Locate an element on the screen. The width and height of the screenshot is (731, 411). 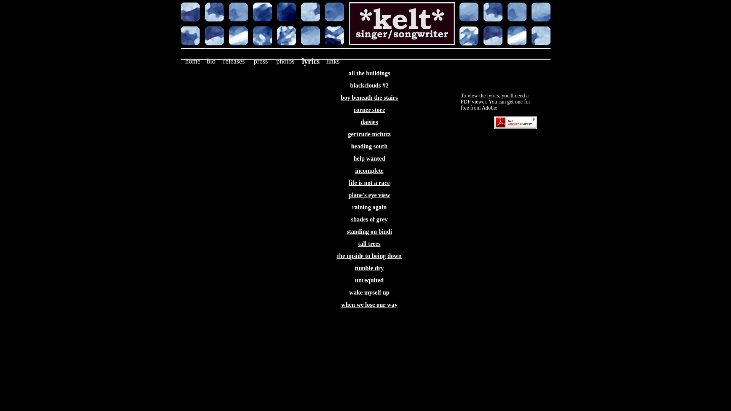
'raining again' is located at coordinates (369, 207).